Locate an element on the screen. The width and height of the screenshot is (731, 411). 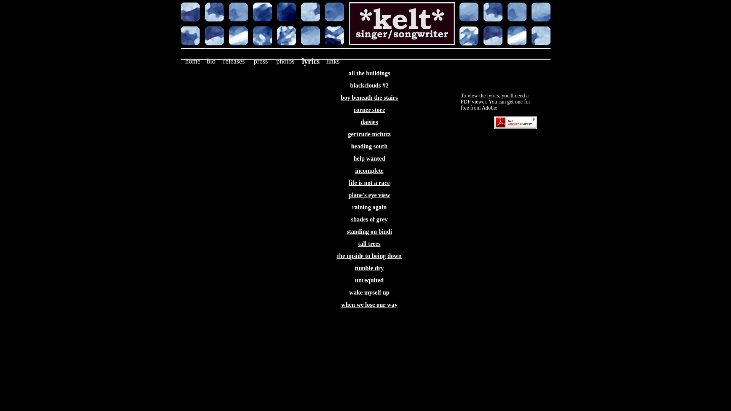
'raining again' is located at coordinates (369, 207).